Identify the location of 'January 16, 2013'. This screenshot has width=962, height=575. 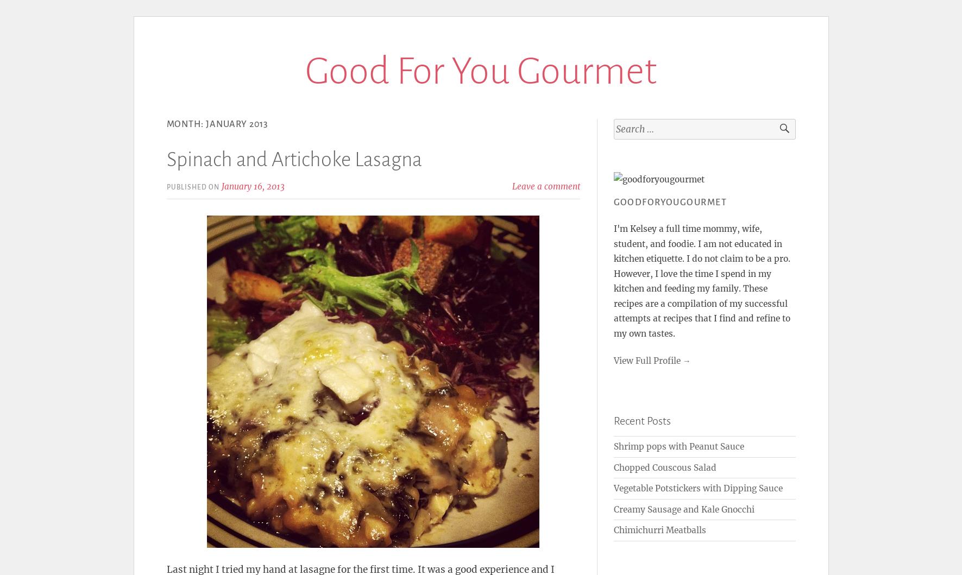
(221, 186).